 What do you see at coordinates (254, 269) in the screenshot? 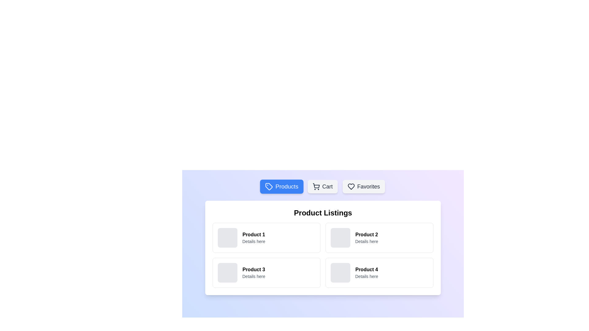
I see `product title text located in the upper text component of the third product card in the bottom-left corner of the product grid` at bounding box center [254, 269].